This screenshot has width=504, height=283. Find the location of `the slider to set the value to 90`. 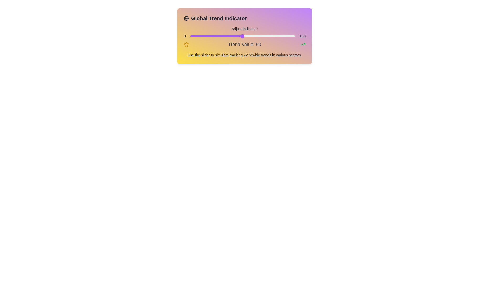

the slider to set the value to 90 is located at coordinates (284, 36).